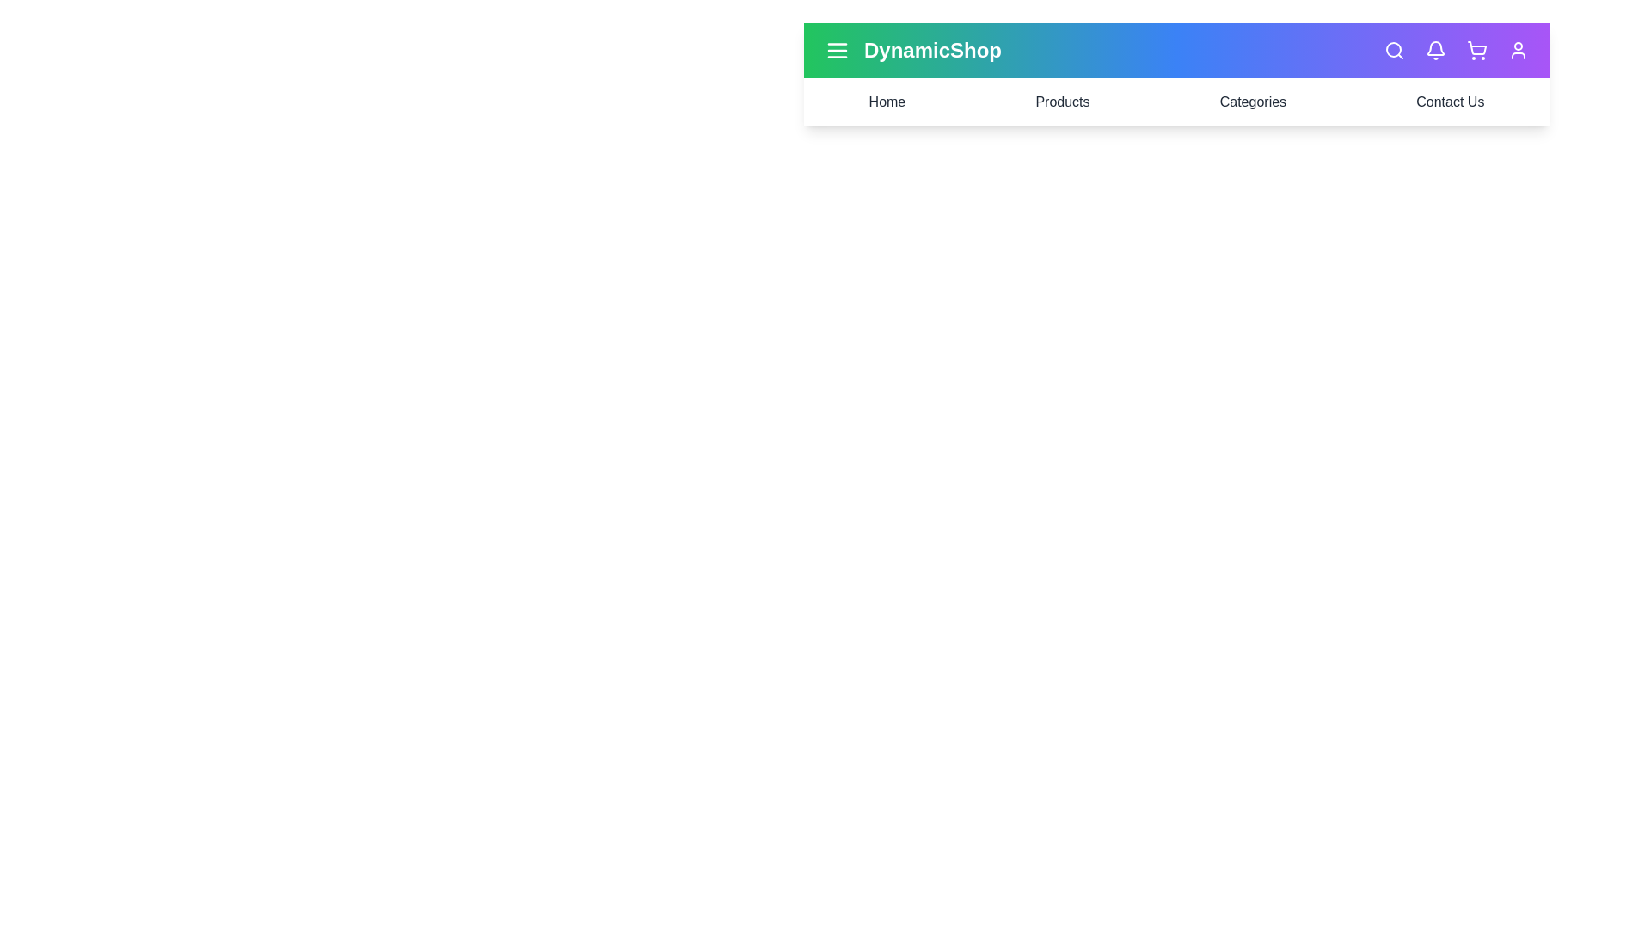 This screenshot has width=1651, height=929. What do you see at coordinates (1449, 102) in the screenshot?
I see `the navigation link labeled Contact Us` at bounding box center [1449, 102].